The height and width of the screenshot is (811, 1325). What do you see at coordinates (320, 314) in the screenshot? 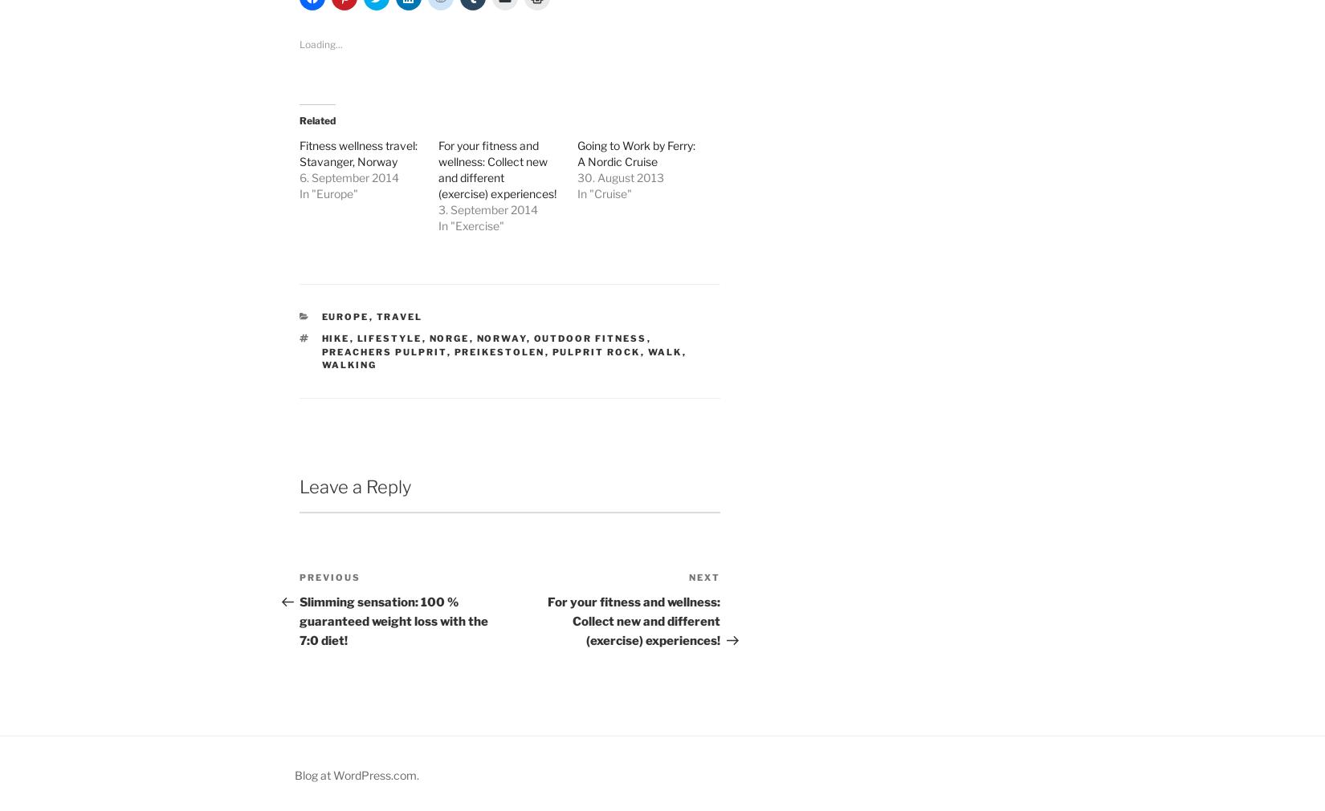
I see `'Europe'` at bounding box center [320, 314].